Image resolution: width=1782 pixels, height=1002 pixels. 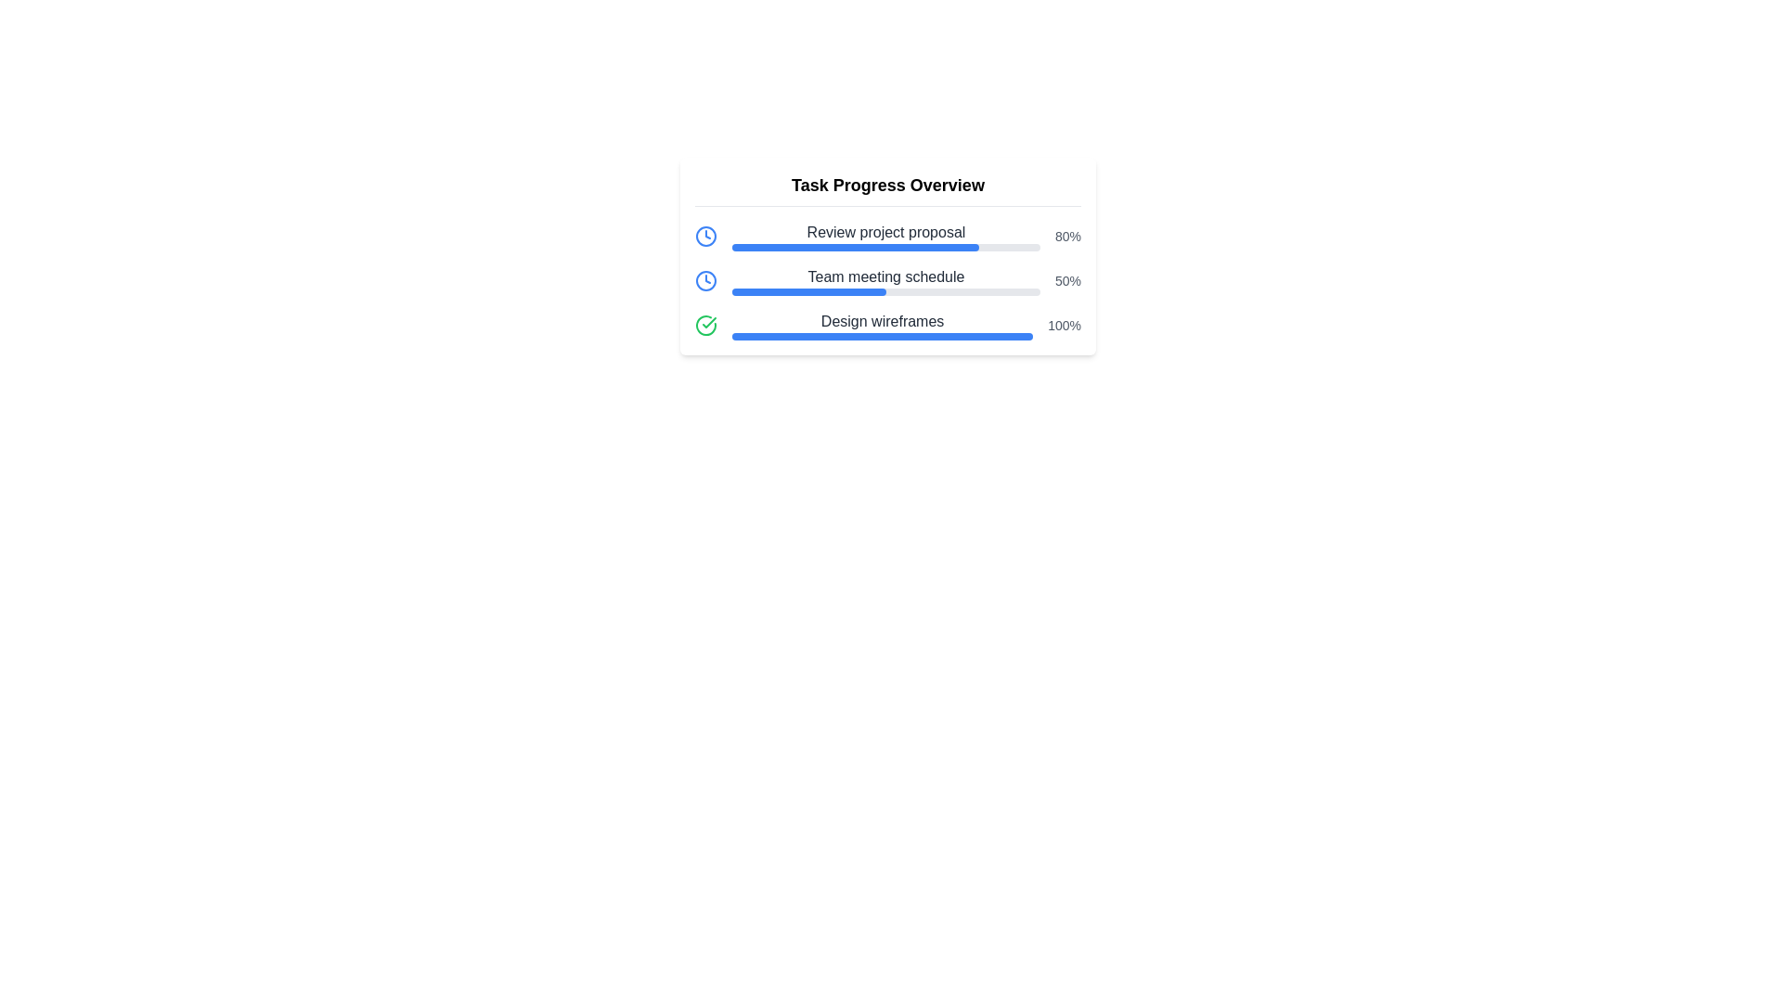 I want to click on the blue circular ring that forms the outer edge of the SVG icon next to the 'Team meeting schedule' text in the 'Task Progress Overview' card, so click(x=705, y=235).